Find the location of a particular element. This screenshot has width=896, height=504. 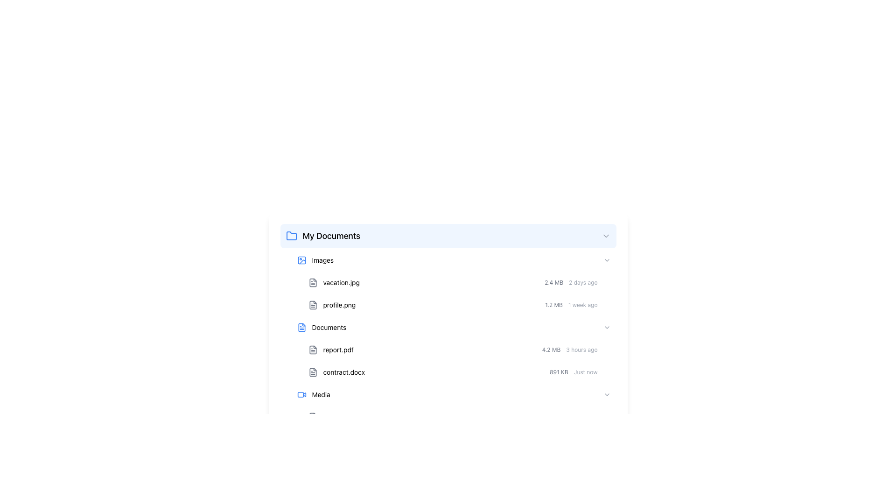

the file entry labeled 'vacation.jpg' with its associated icon from the first position in the 'Images' folder is located at coordinates (334, 282).